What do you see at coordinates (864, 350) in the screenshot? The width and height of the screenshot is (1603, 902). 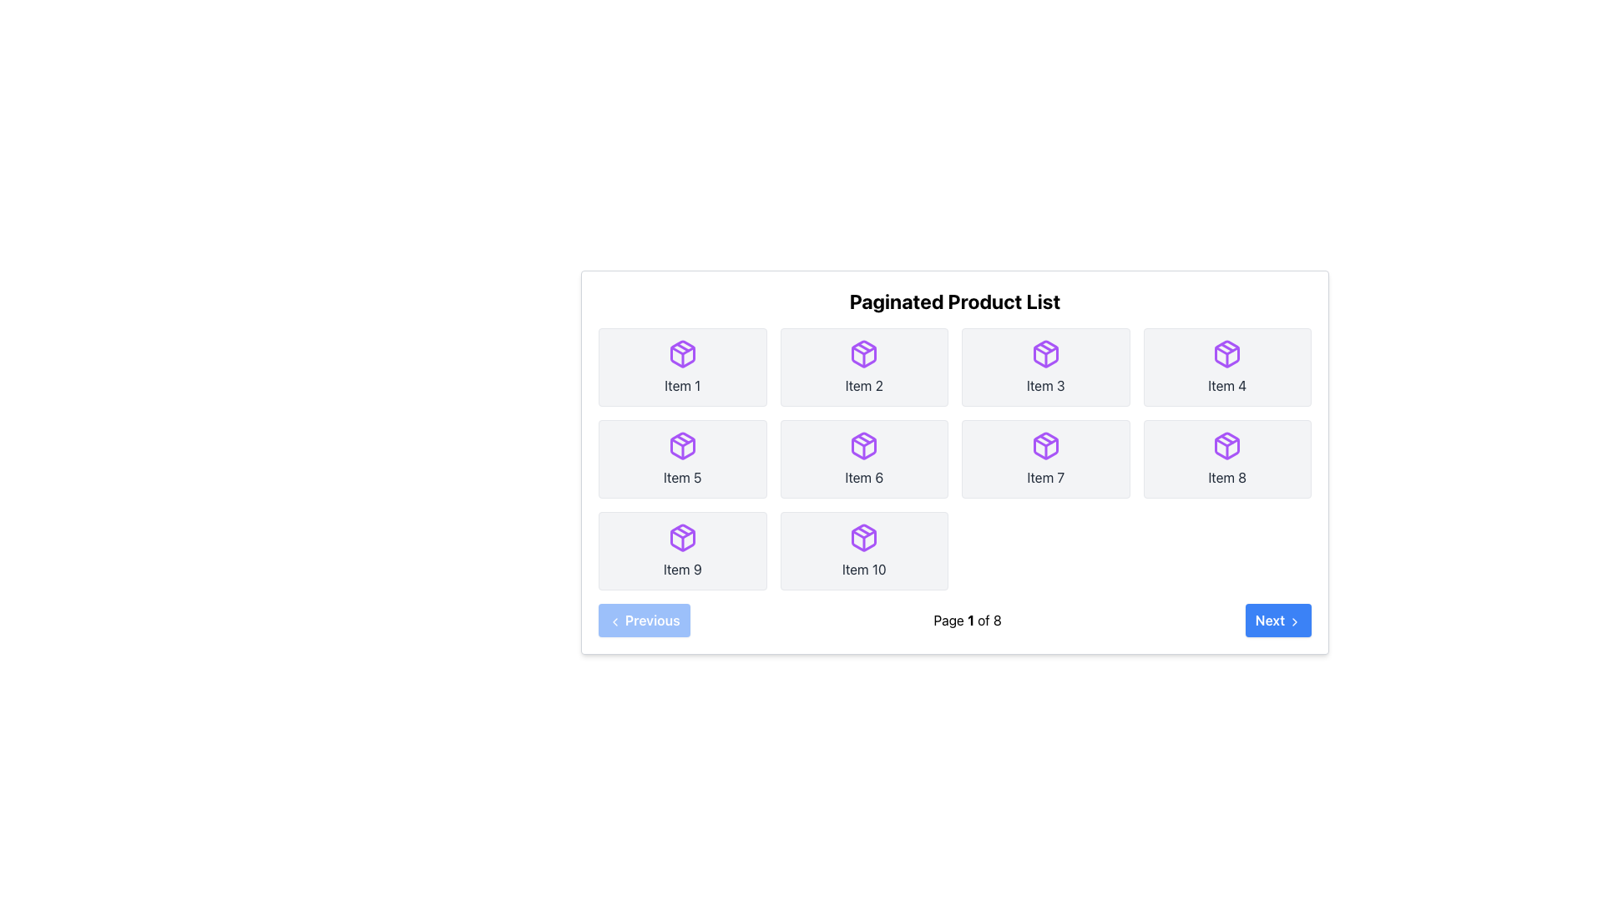 I see `the purple package box icon, which is the second icon from the left in the top row of the 'Paginated Product List' grid` at bounding box center [864, 350].